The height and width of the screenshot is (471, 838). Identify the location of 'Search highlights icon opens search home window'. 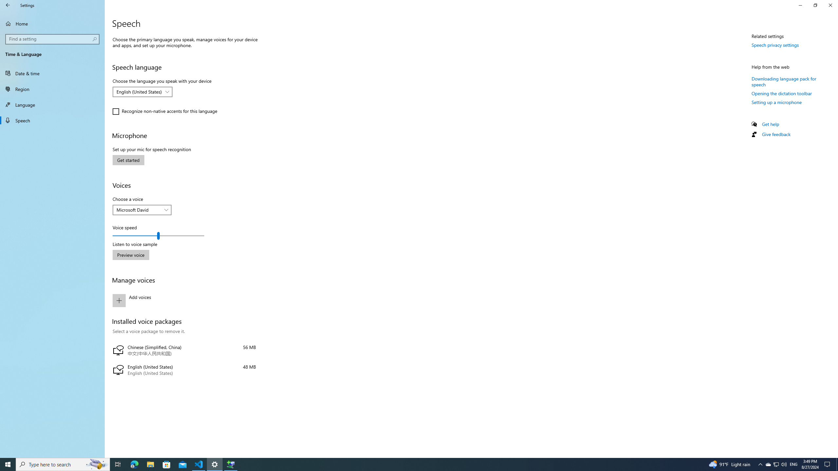
(96, 464).